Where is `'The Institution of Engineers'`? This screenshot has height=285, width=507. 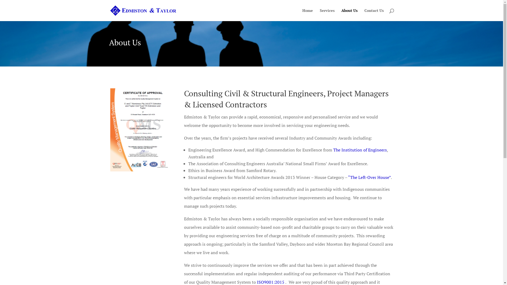
'The Institution of Engineers' is located at coordinates (360, 150).